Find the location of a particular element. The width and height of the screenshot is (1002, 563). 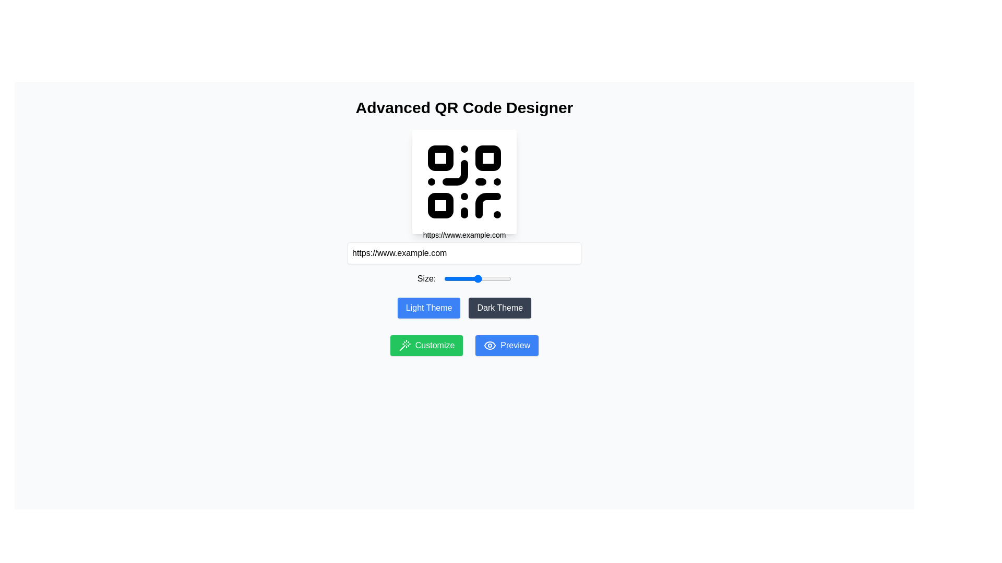

the size is located at coordinates (499, 278).